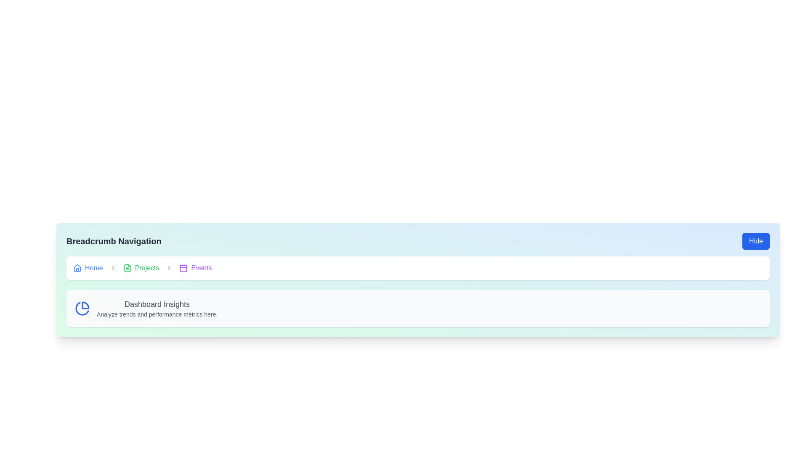 Image resolution: width=808 pixels, height=454 pixels. I want to click on the text label that serves as a descriptor for the home navigation in the breadcrumb navigation bar, positioned at the far left immediately after the house-shaped icon, so click(94, 268).